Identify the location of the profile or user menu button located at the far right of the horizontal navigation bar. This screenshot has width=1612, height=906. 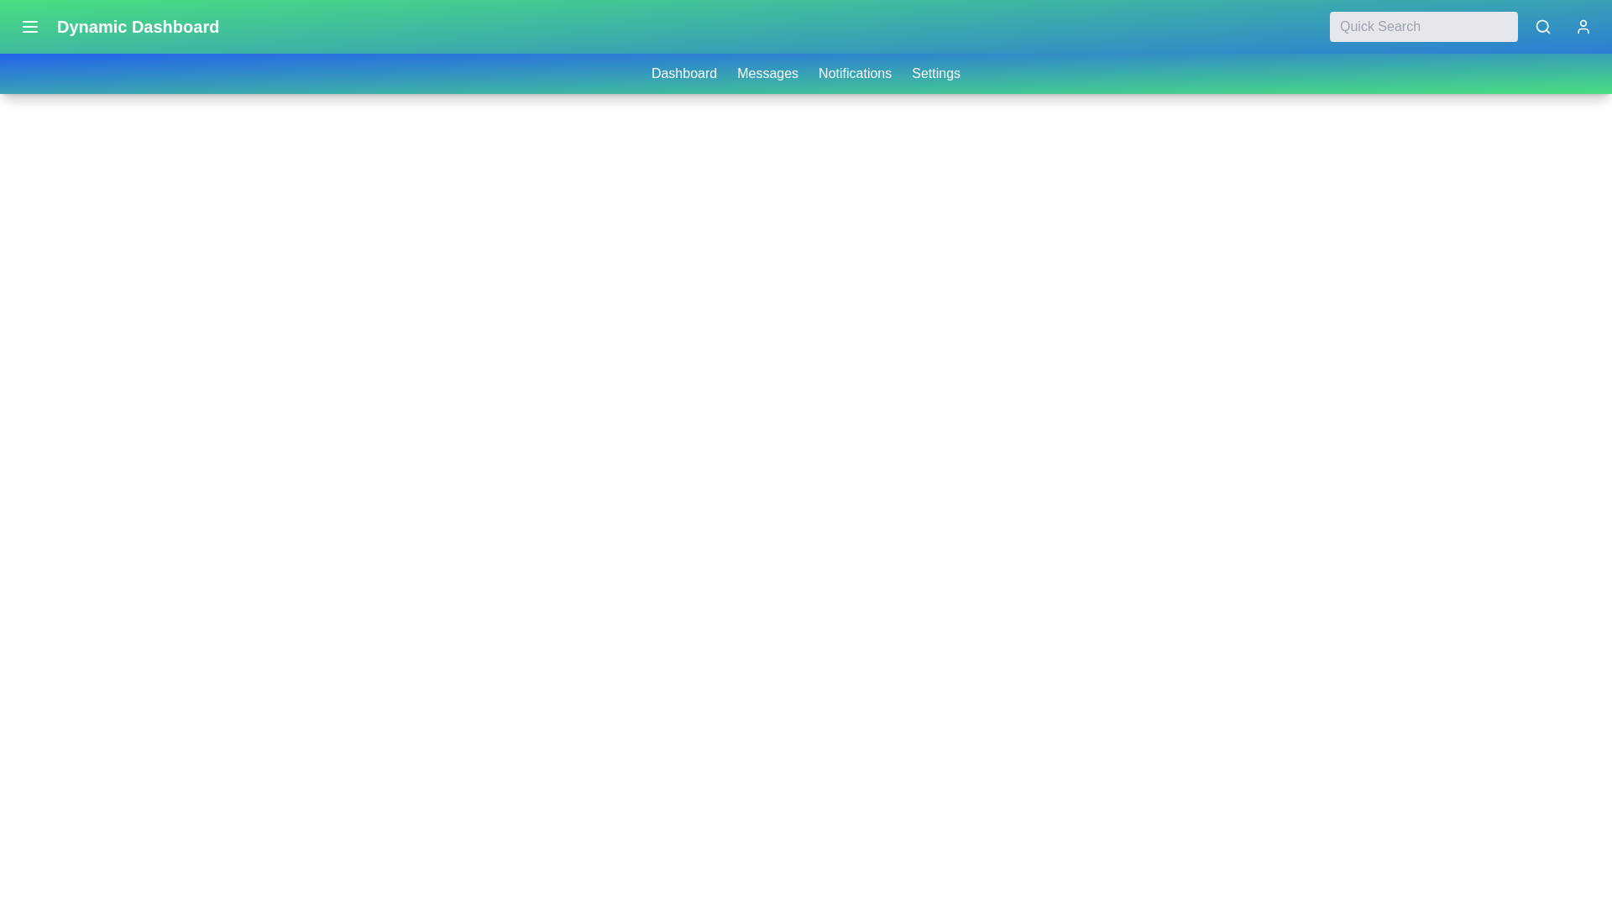
(1583, 26).